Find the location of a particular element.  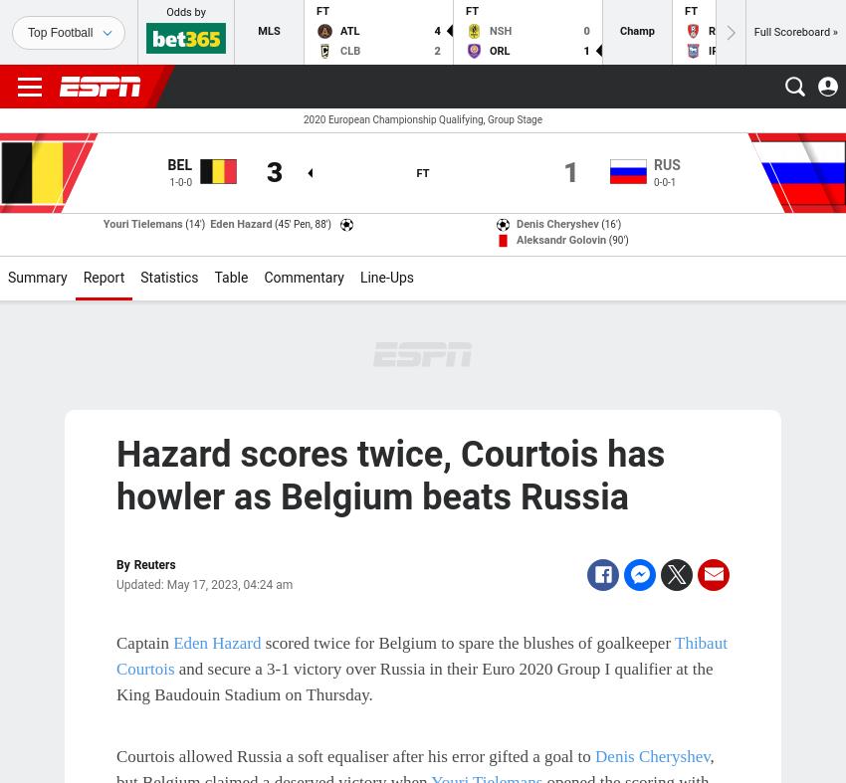

'RUS' is located at coordinates (666, 164).